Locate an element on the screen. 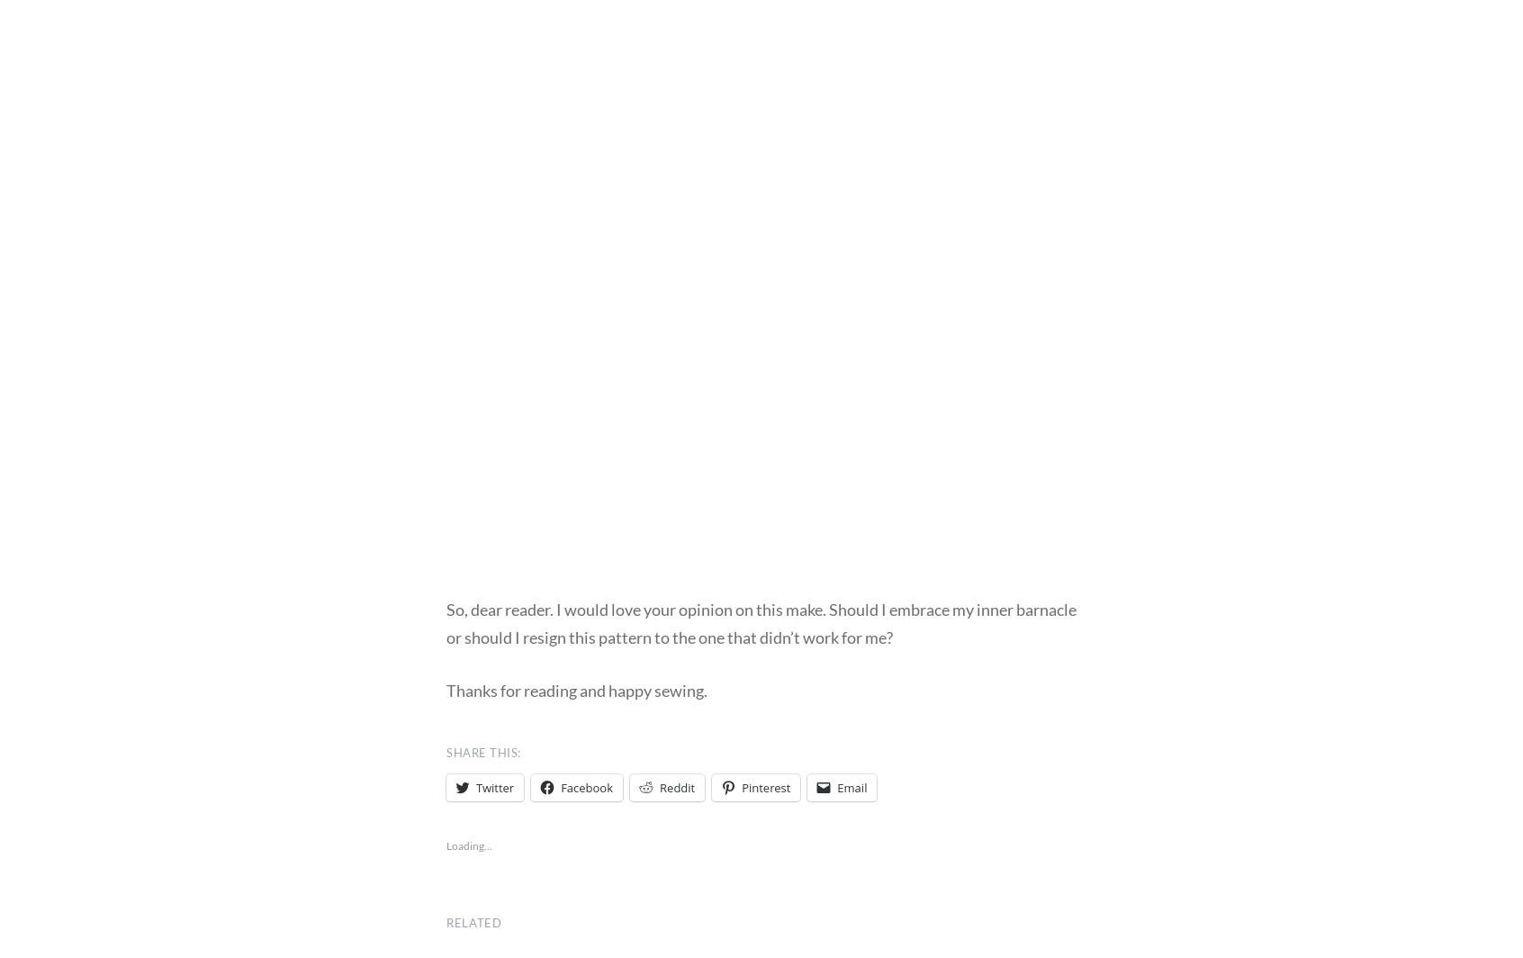 This screenshot has height=958, width=1523. 'Related' is located at coordinates (473, 921).